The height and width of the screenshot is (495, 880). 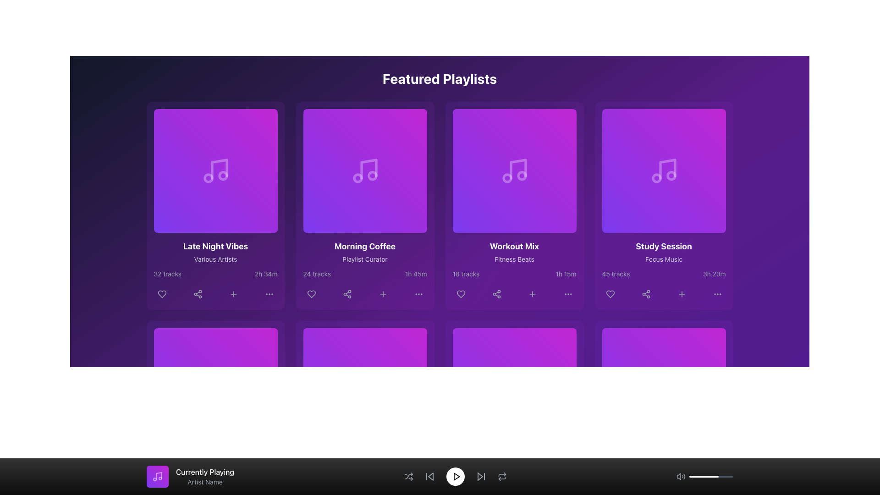 What do you see at coordinates (162, 294) in the screenshot?
I see `the outlined heart-shaped icon located in the bottom left quadrant of the 'Late Night Vibes' card in the 'Featured Playlists' section` at bounding box center [162, 294].